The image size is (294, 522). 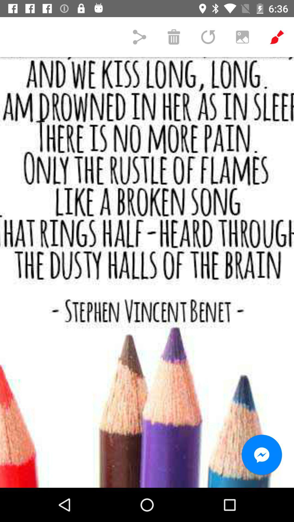 I want to click on the icon at the bottom right corner, so click(x=261, y=455).